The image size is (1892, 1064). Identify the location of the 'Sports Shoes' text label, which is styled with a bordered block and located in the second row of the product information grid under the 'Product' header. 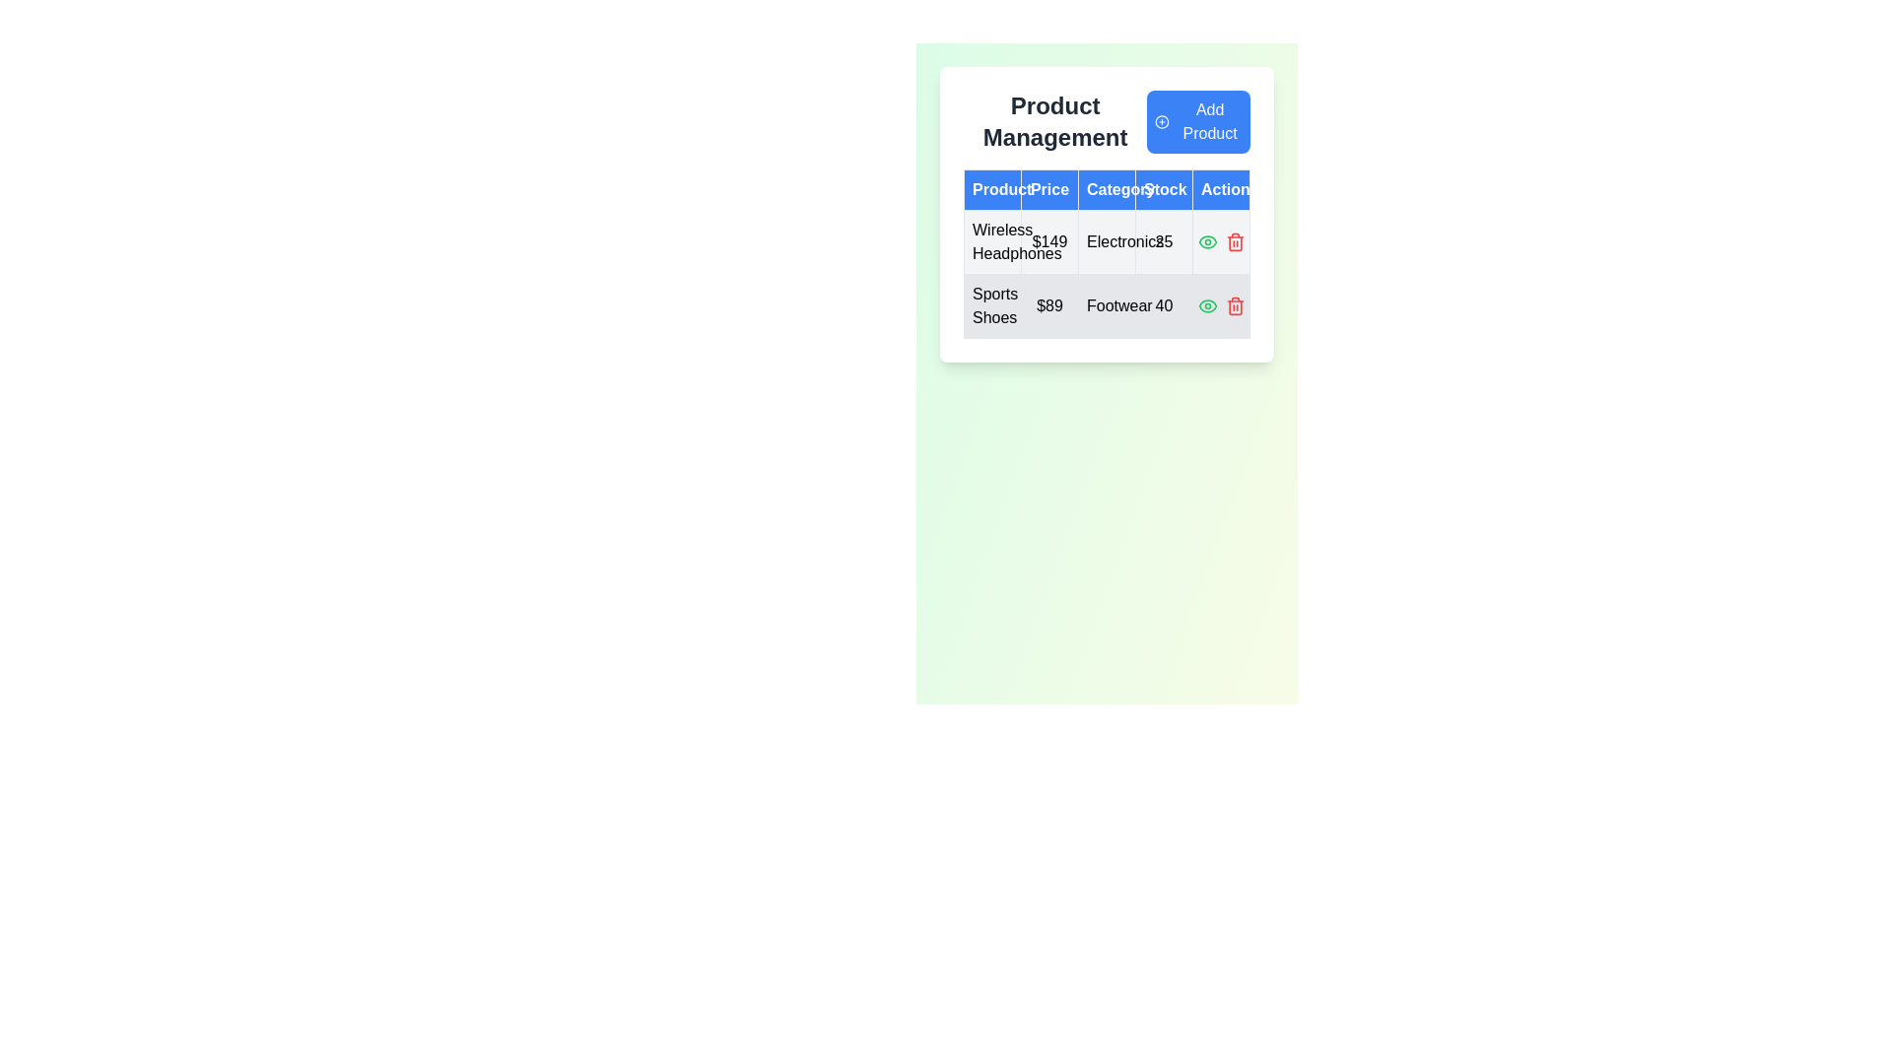
(992, 306).